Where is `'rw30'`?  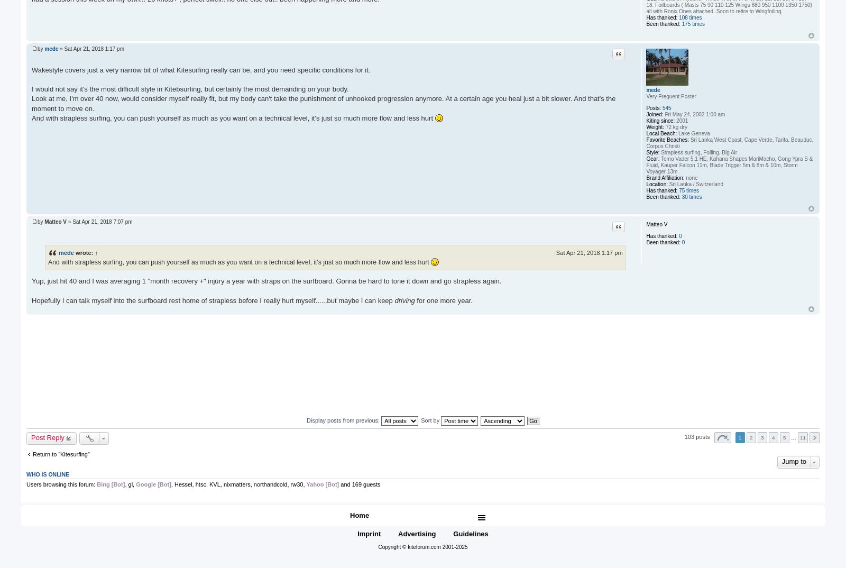 'rw30' is located at coordinates (296, 484).